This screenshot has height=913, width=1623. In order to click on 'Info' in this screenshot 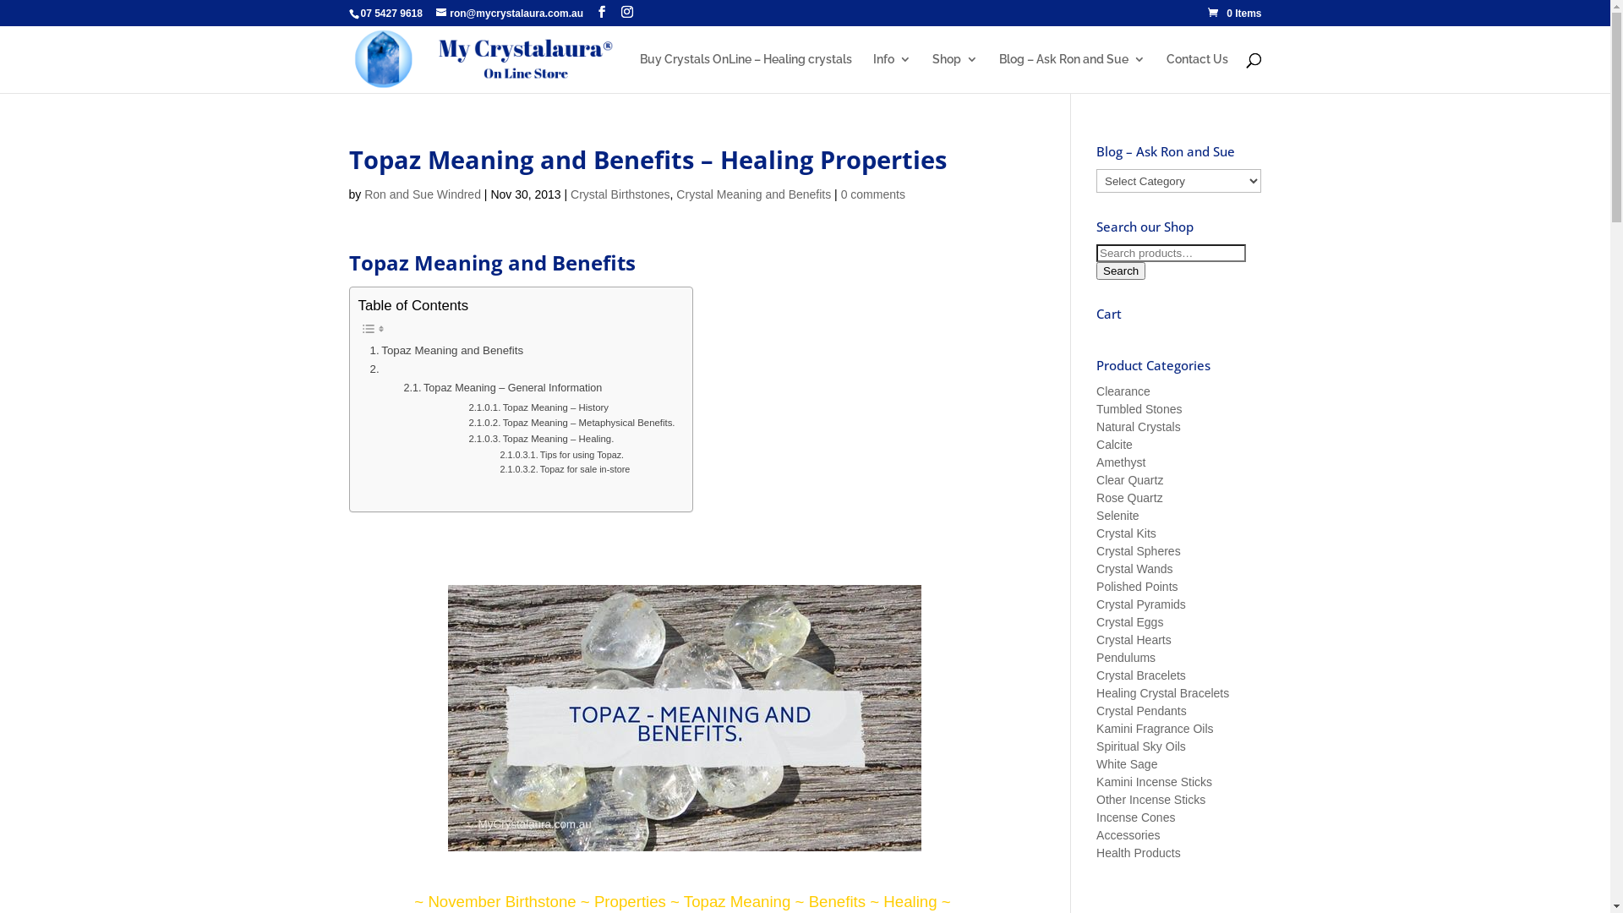, I will do `click(890, 72)`.